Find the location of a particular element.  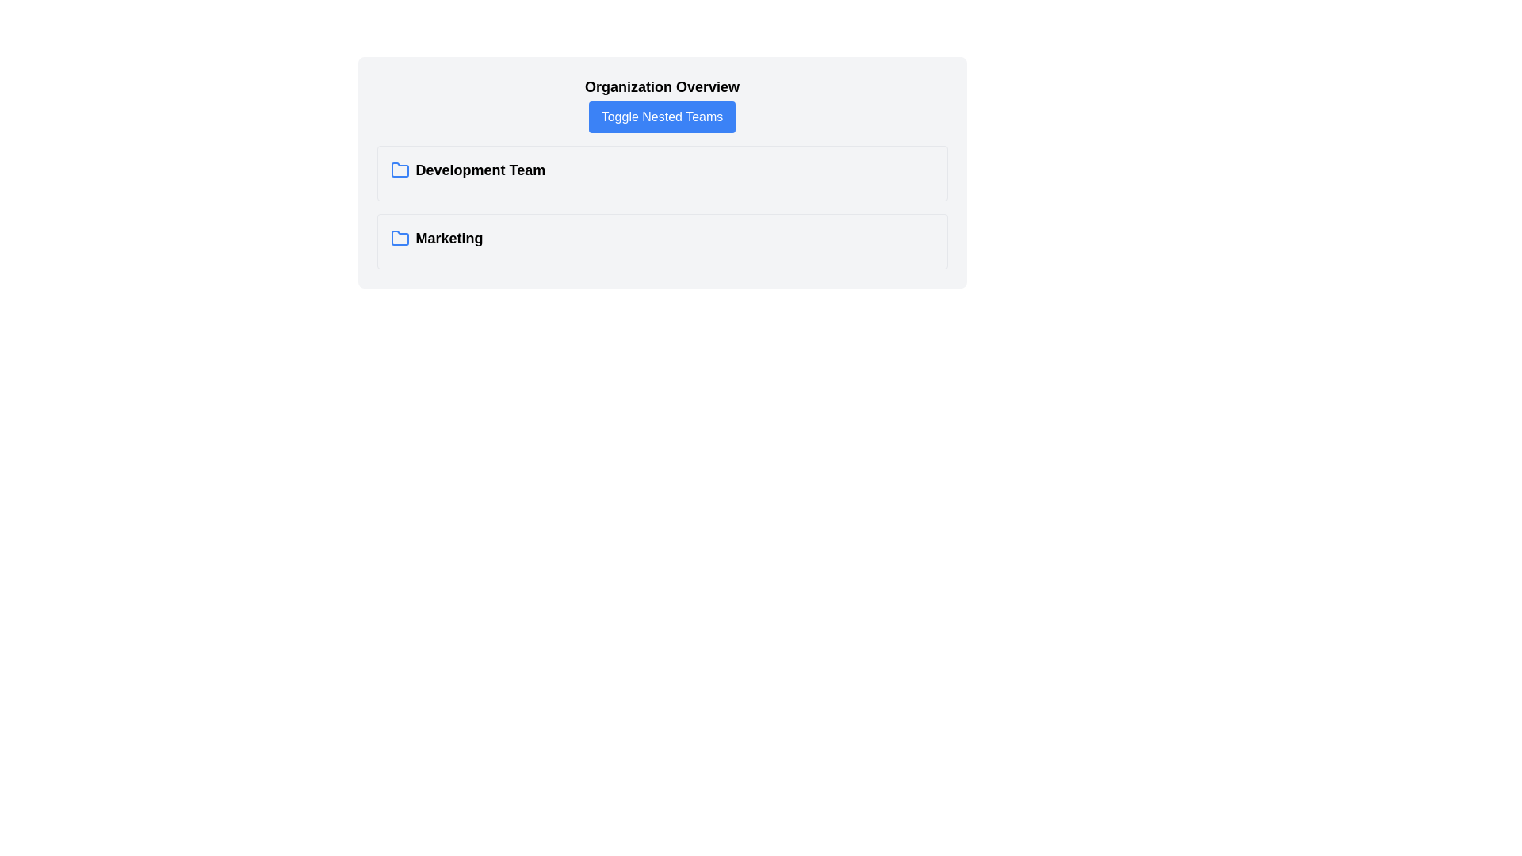

the folder icon representing the 'Marketing' section is located at coordinates (400, 238).